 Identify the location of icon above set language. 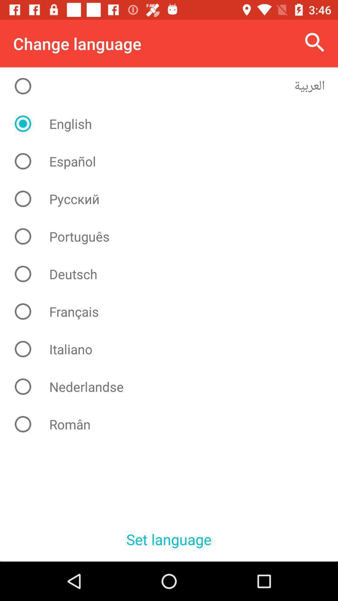
(174, 424).